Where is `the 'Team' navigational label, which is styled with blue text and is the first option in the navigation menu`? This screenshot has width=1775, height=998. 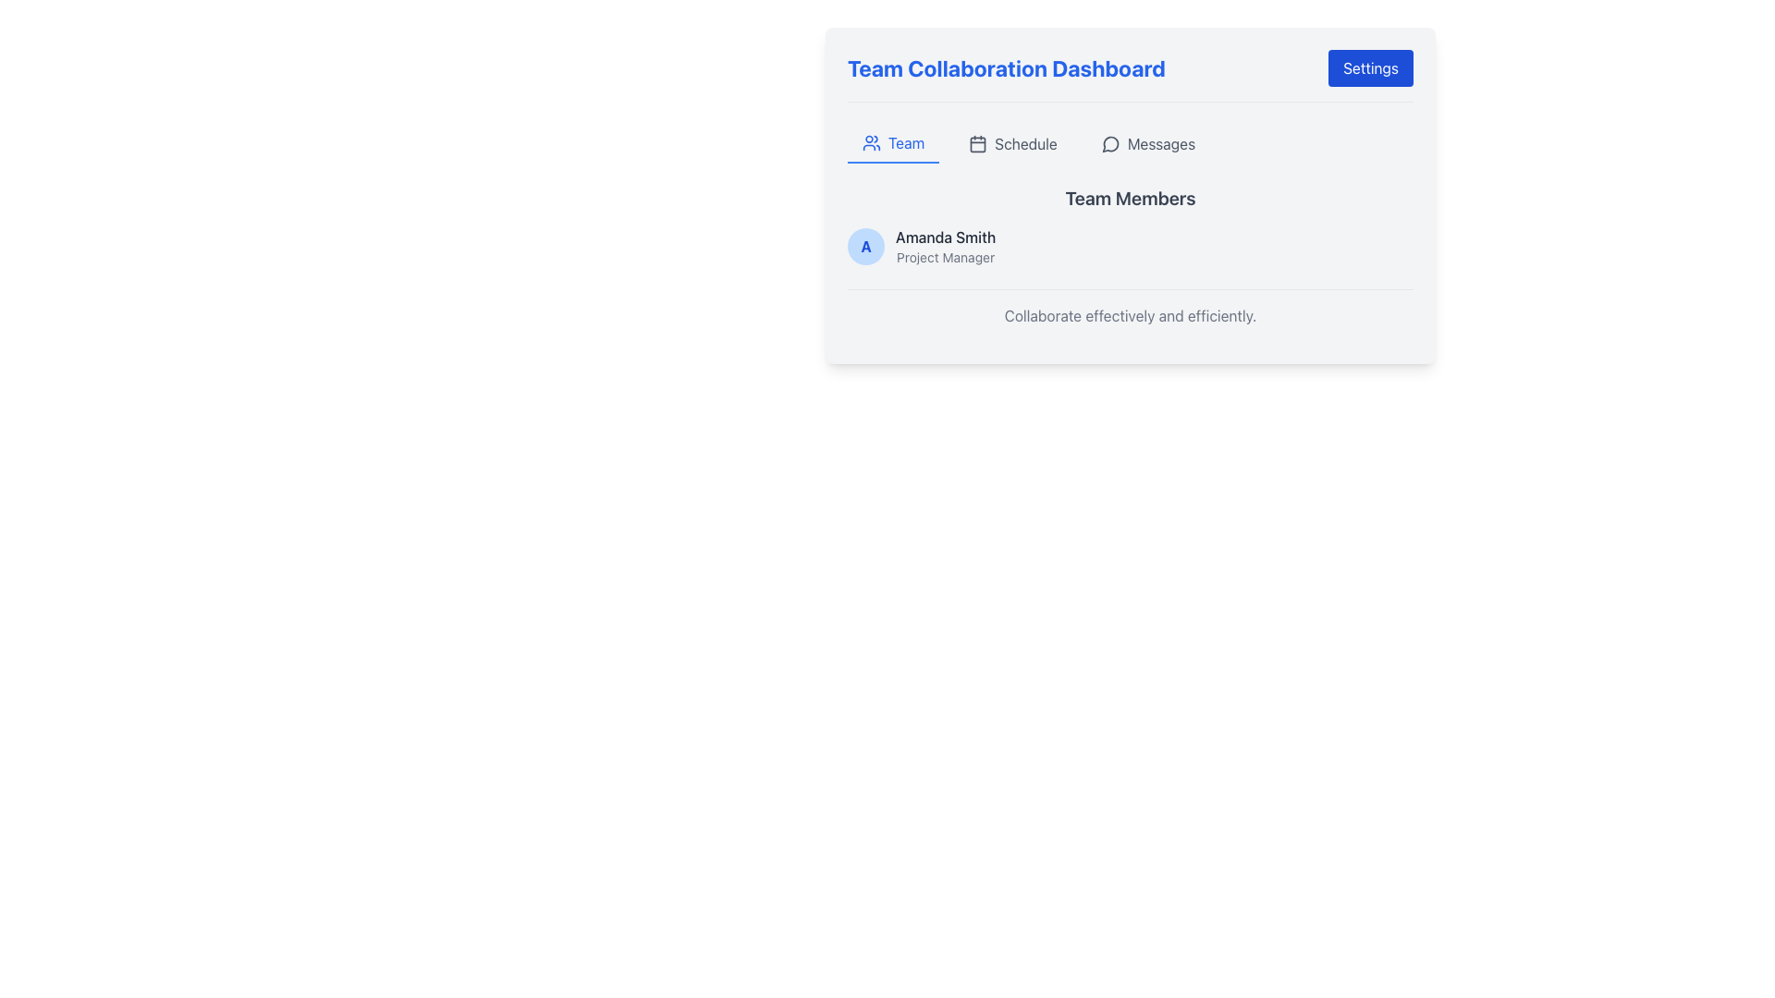
the 'Team' navigational label, which is styled with blue text and is the first option in the navigation menu is located at coordinates (906, 141).